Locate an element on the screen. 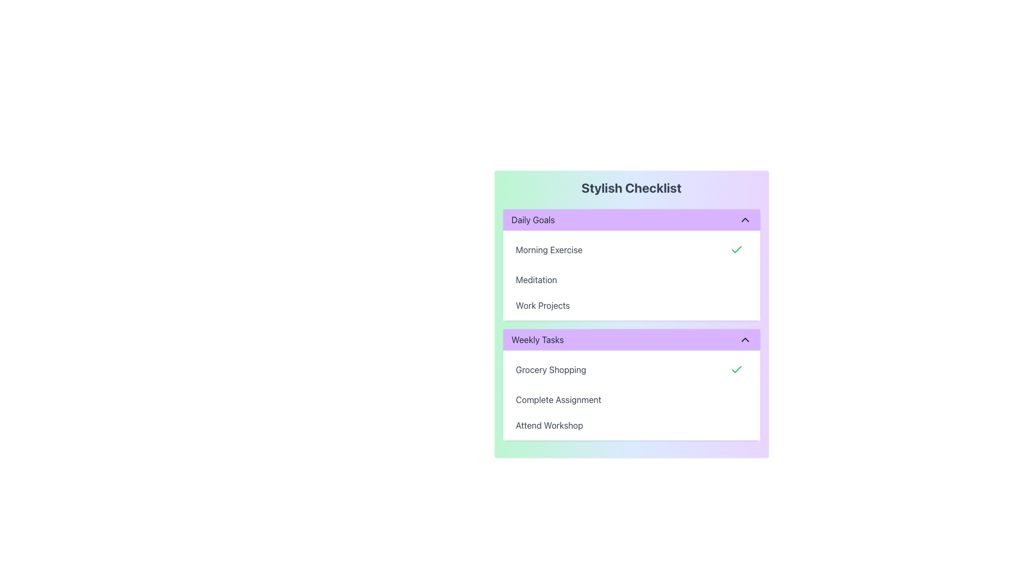 The image size is (1028, 578). the green checkmark icon located under the 'Weekly Tasks' header, associated with the 'Grocery Shopping' task is located at coordinates (736, 249).